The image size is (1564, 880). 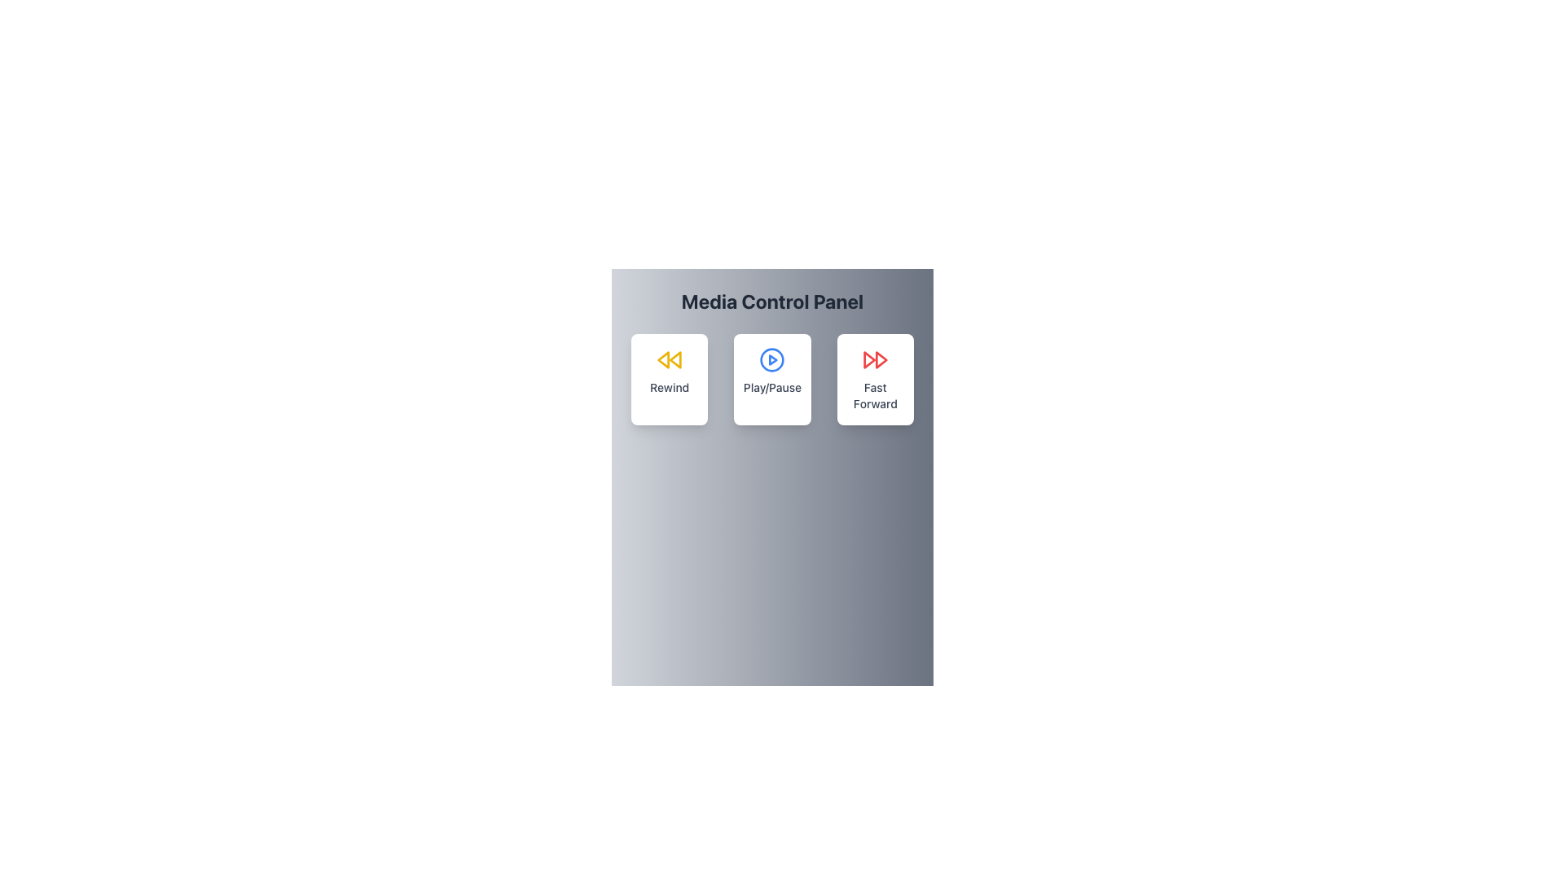 I want to click on the play/pause button located between the 'Rewind' and 'Fast Forward' buttons in the media control panel, so click(x=771, y=380).